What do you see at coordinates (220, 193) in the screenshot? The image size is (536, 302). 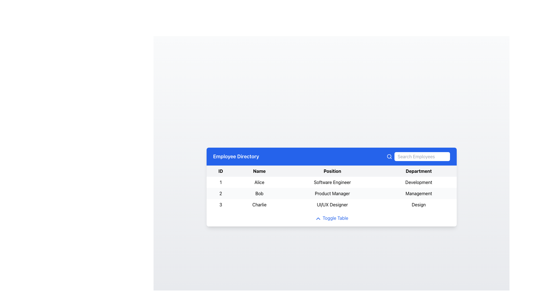 I see `the numeral '2' in the first column of the second row in the employee details table` at bounding box center [220, 193].